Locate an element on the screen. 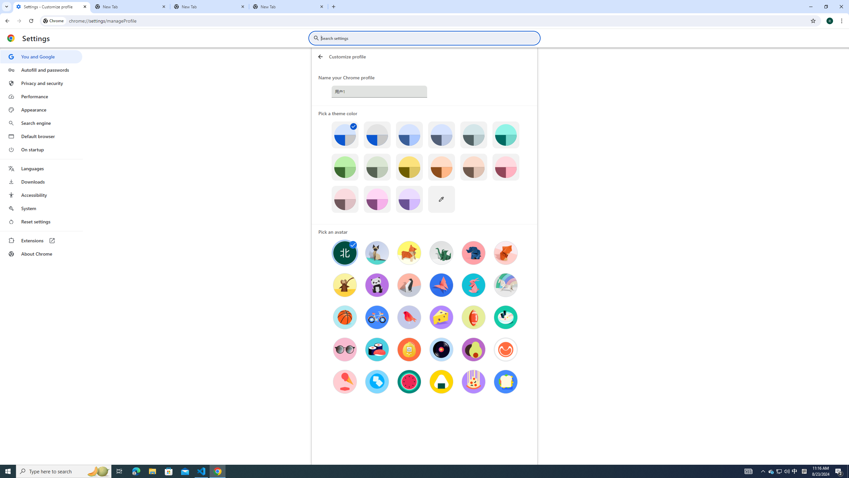  'Reset settings' is located at coordinates (41, 221).